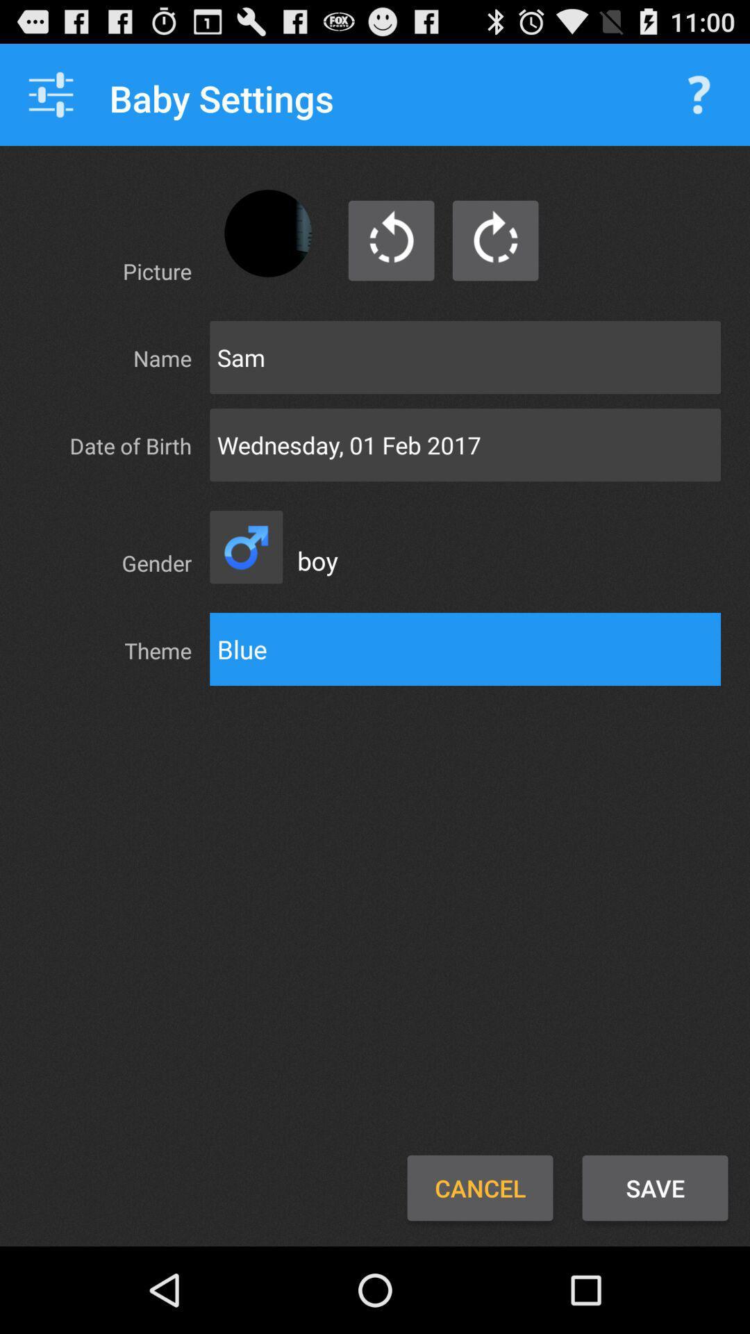 Image resolution: width=750 pixels, height=1334 pixels. What do you see at coordinates (699, 94) in the screenshot?
I see `need help` at bounding box center [699, 94].